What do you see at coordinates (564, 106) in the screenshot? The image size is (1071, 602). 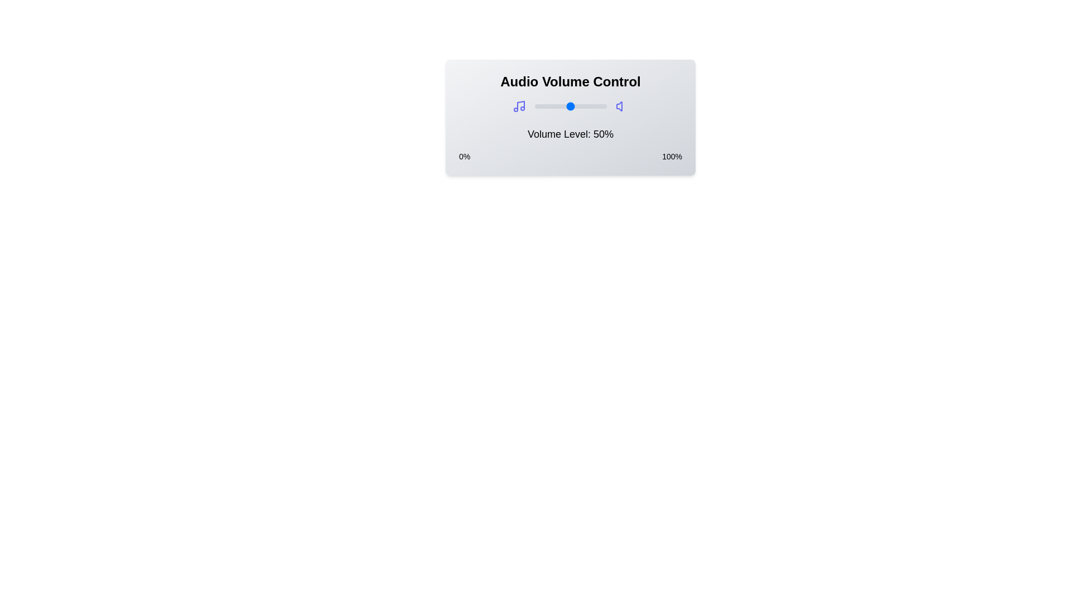 I see `the volume to 41% by dragging the slider` at bounding box center [564, 106].